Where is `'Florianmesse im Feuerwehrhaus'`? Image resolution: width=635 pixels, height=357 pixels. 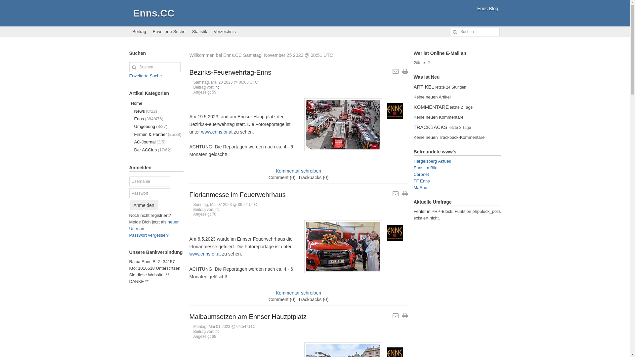
'Florianmesse im Feuerwehrhaus' is located at coordinates (237, 194).